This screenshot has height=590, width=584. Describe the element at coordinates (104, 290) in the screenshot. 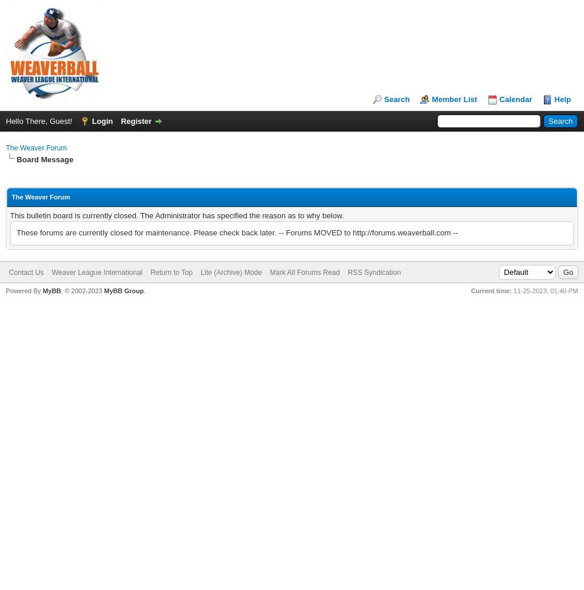

I see `'MyBB Group'` at that location.